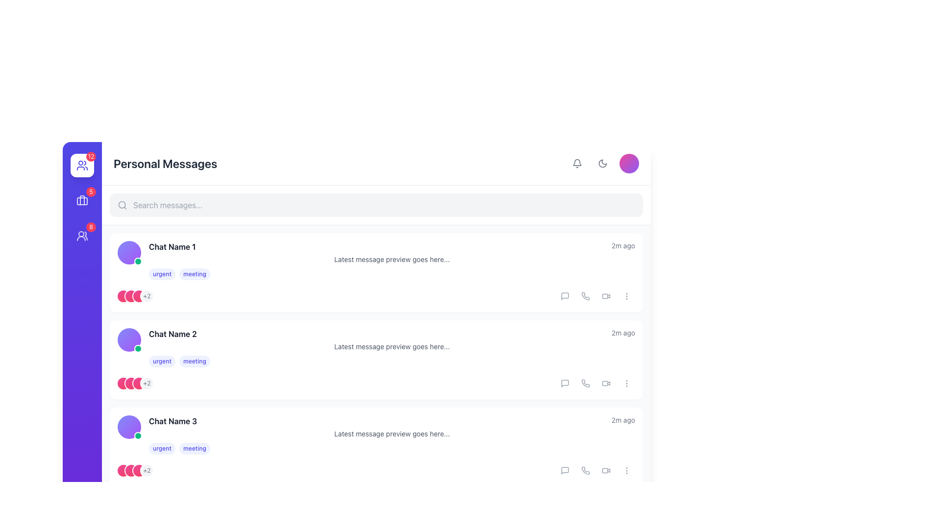 The width and height of the screenshot is (941, 529). Describe the element at coordinates (162, 361) in the screenshot. I see `text from the label that has a soft blue background and indigo text reading 'urgent', positioned in the second chat item to the right of the avatar` at that location.